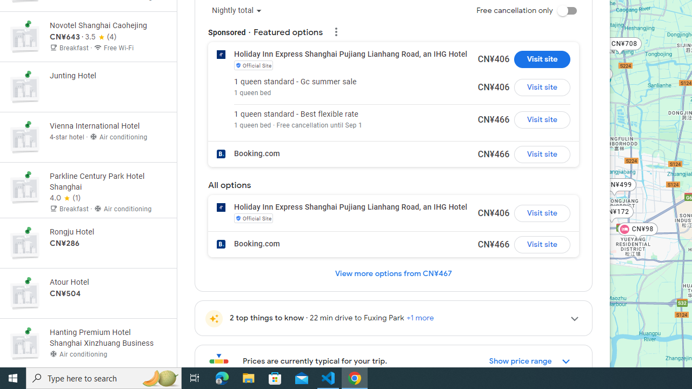 This screenshot has height=389, width=692. What do you see at coordinates (335, 30) in the screenshot?
I see `'Open My Ad Center'` at bounding box center [335, 30].